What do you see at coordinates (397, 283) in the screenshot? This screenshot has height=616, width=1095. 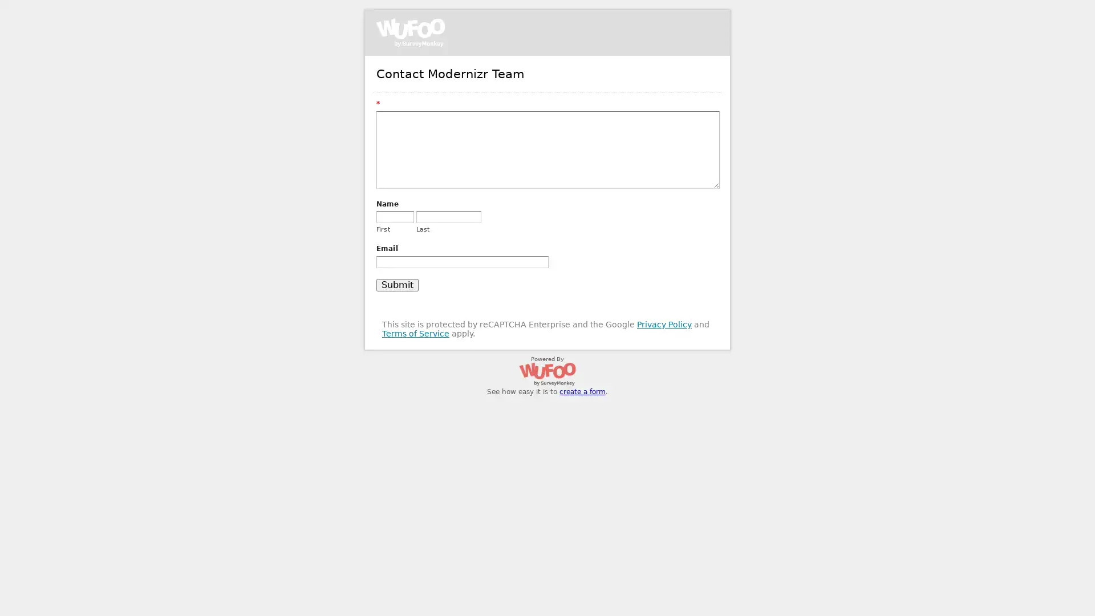 I see `Submit` at bounding box center [397, 283].